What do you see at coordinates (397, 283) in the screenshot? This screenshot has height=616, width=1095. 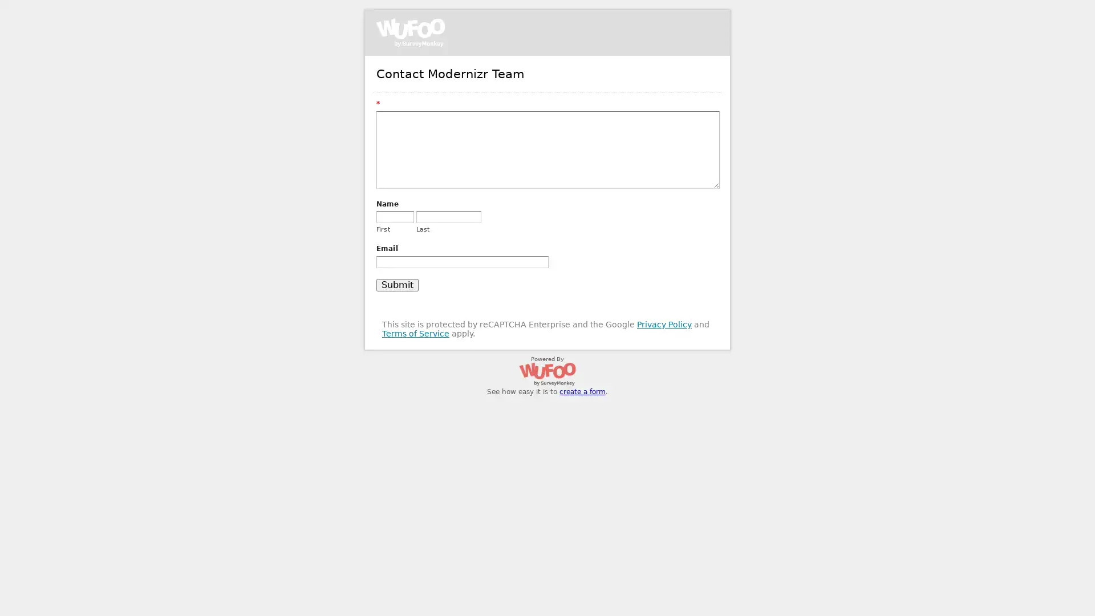 I see `Submit` at bounding box center [397, 283].